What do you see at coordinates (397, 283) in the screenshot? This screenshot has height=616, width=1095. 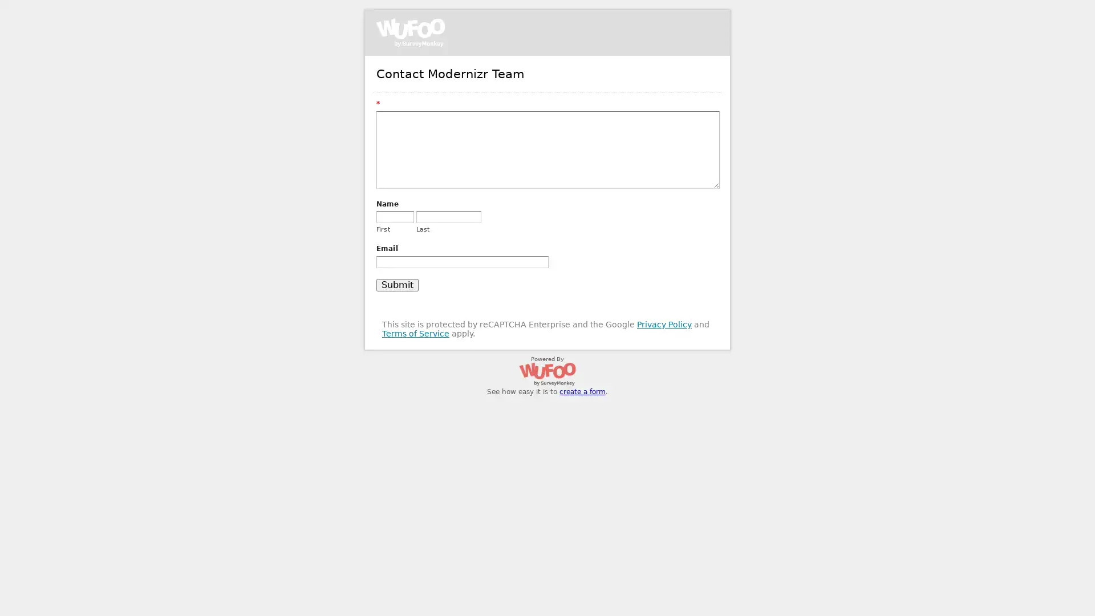 I see `Submit` at bounding box center [397, 283].